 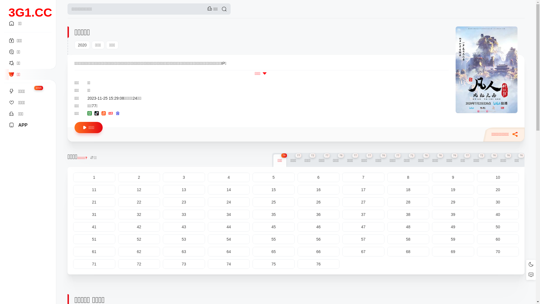 What do you see at coordinates (252, 227) in the screenshot?
I see `'45'` at bounding box center [252, 227].